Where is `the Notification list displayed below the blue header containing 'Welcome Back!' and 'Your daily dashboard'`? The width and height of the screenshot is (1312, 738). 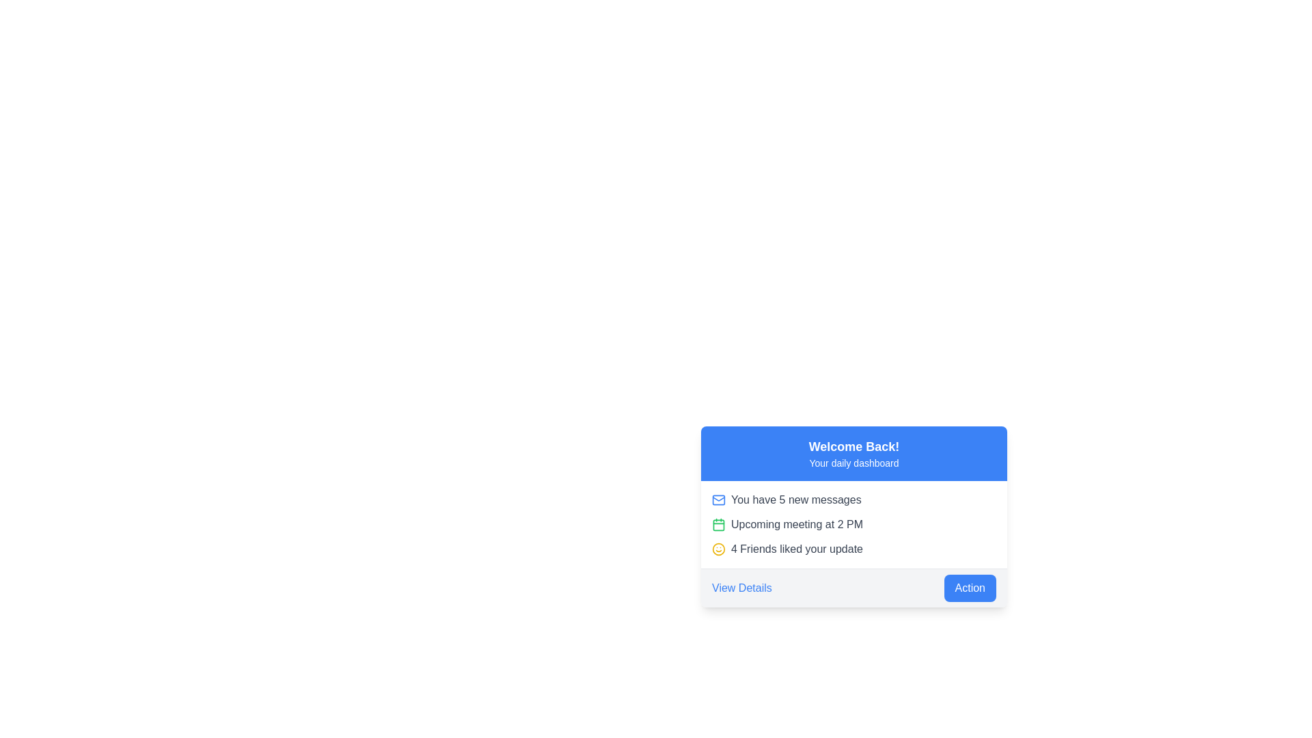
the Notification list displayed below the blue header containing 'Welcome Back!' and 'Your daily dashboard' is located at coordinates (853, 523).